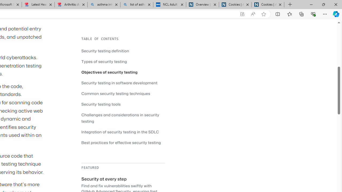  Describe the element at coordinates (120, 118) in the screenshot. I see `'Challenges and considerations in security testing'` at that location.